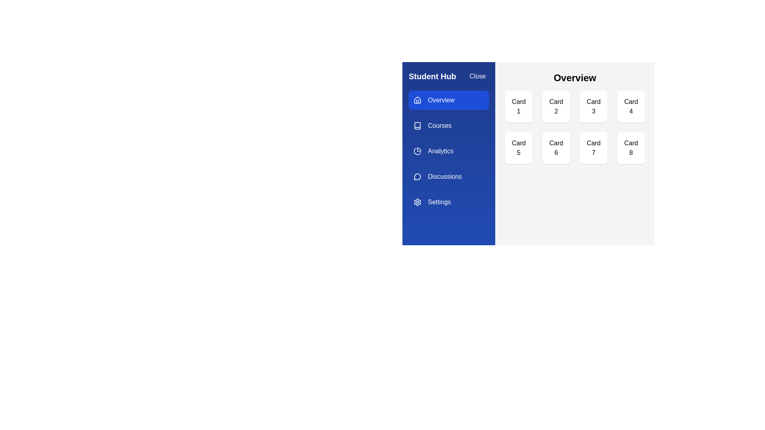 The image size is (765, 430). Describe the element at coordinates (477, 76) in the screenshot. I see `the 'Close' button to toggle the drawer visibility` at that location.